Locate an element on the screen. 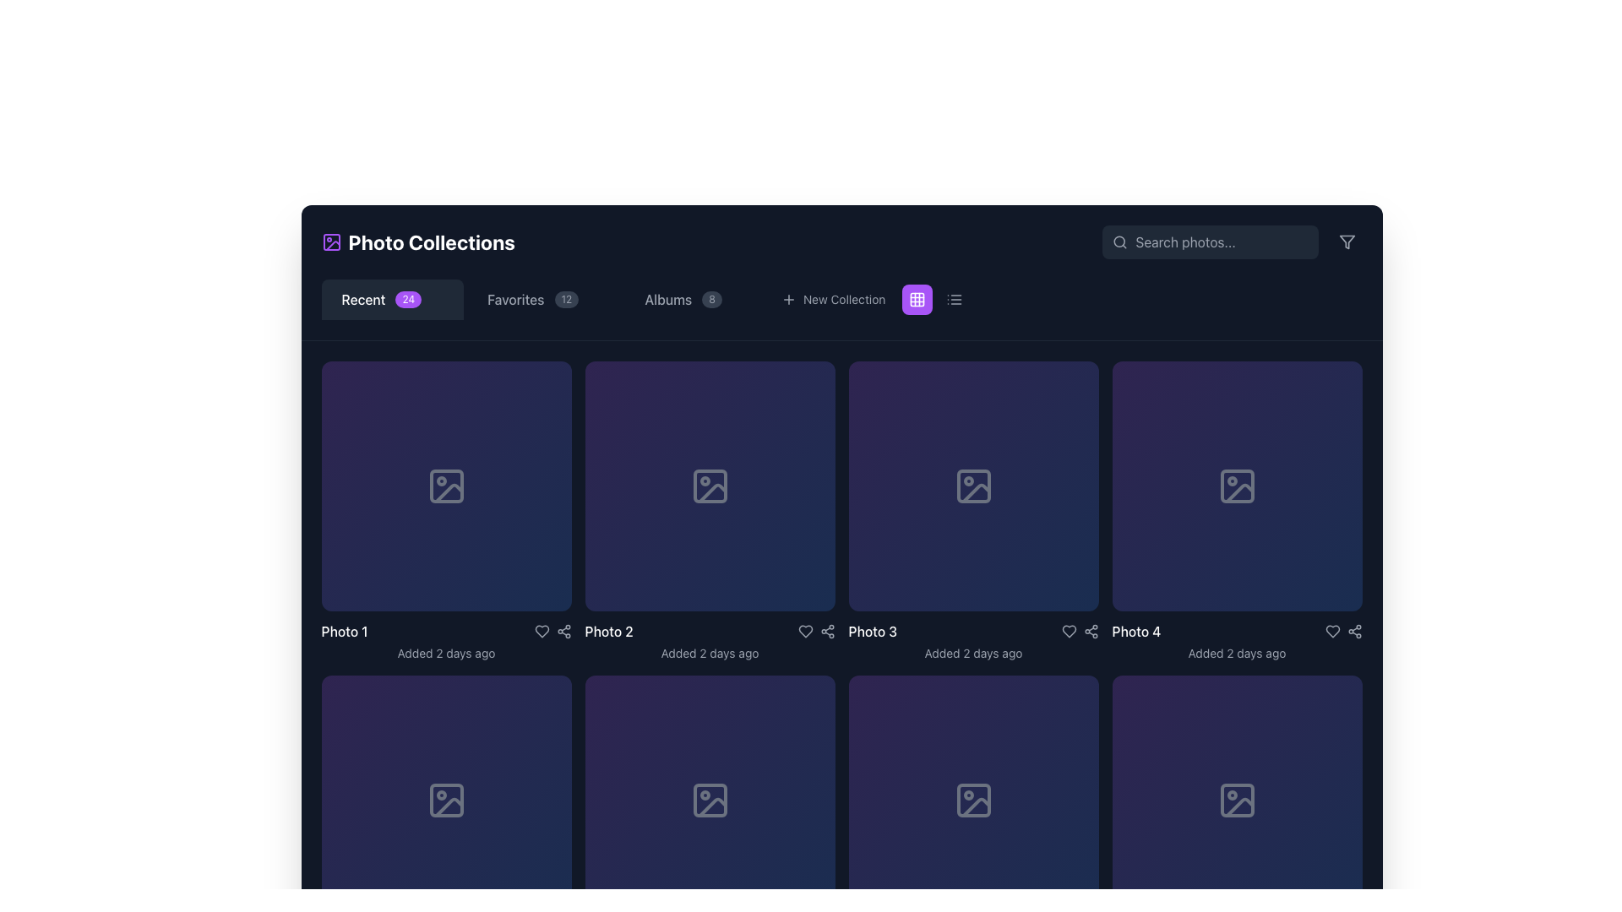 The width and height of the screenshot is (1622, 912). the interactive tile representing a photo with metadata, located as the third tile from the left in the first row of the photo grid layout is located at coordinates (973, 510).